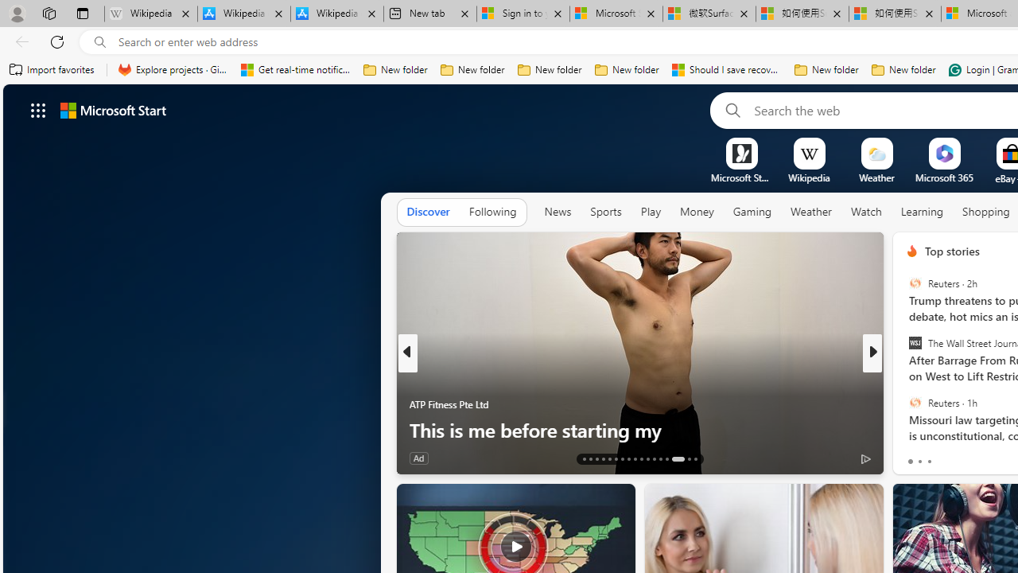 The width and height of the screenshot is (1018, 573). What do you see at coordinates (667, 459) in the screenshot?
I see `'AutomationID: tab-26'` at bounding box center [667, 459].